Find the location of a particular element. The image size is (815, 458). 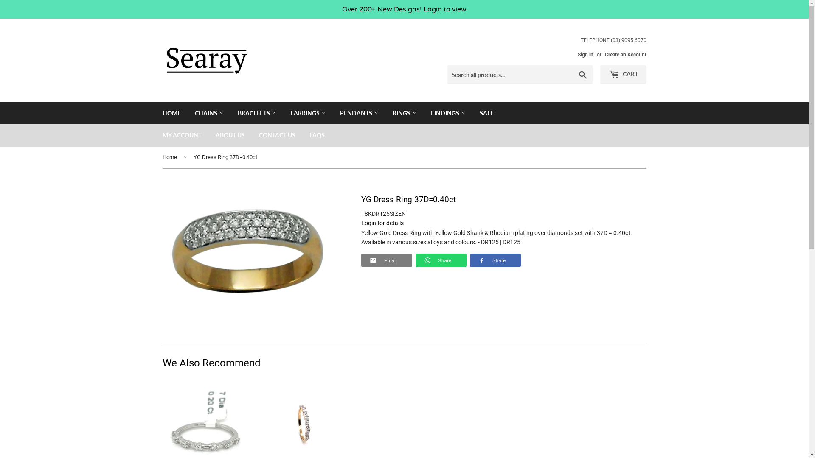

'BRACELETS' is located at coordinates (230, 112).